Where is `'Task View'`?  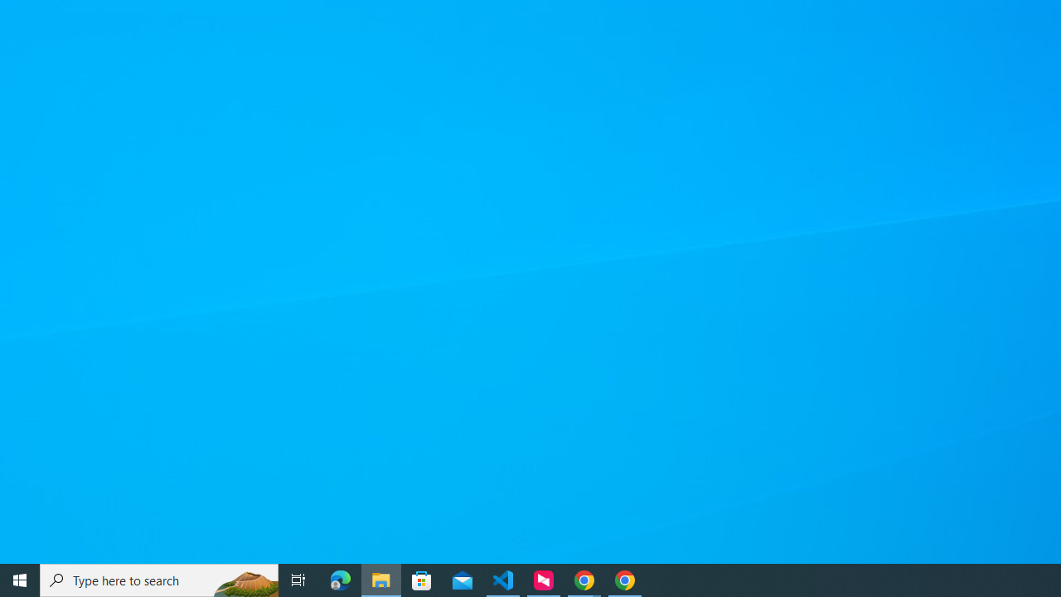
'Task View' is located at coordinates (298, 579).